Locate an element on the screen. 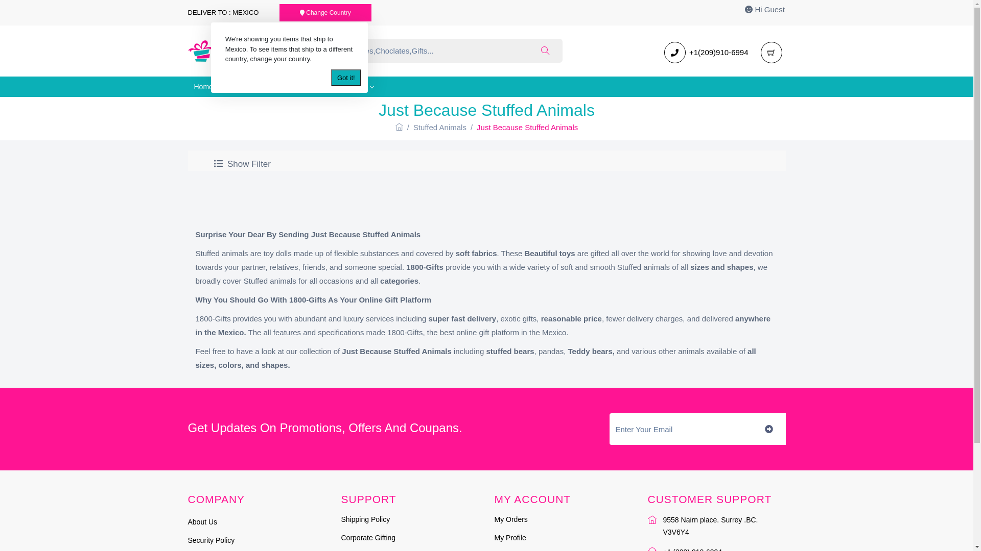  'Corporate Gifting' is located at coordinates (368, 537).